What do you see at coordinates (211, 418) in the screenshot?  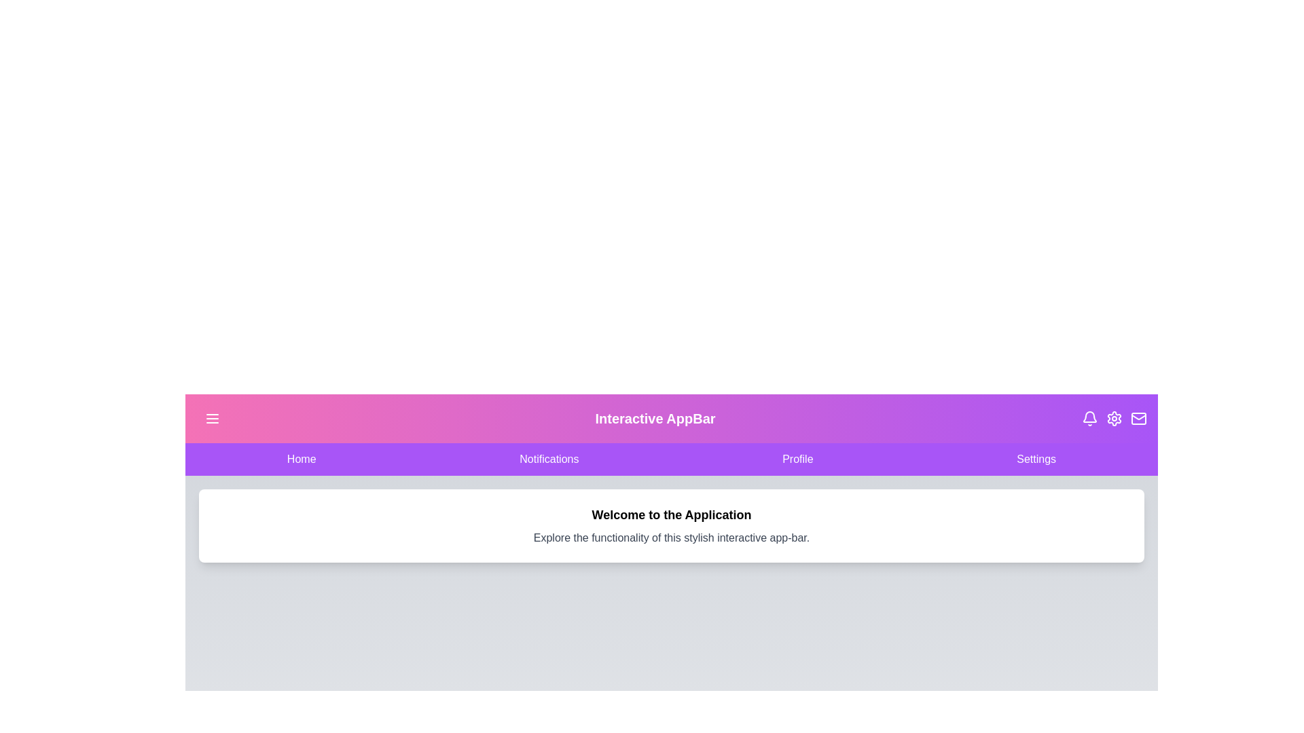 I see `the menu button to open the menu` at bounding box center [211, 418].